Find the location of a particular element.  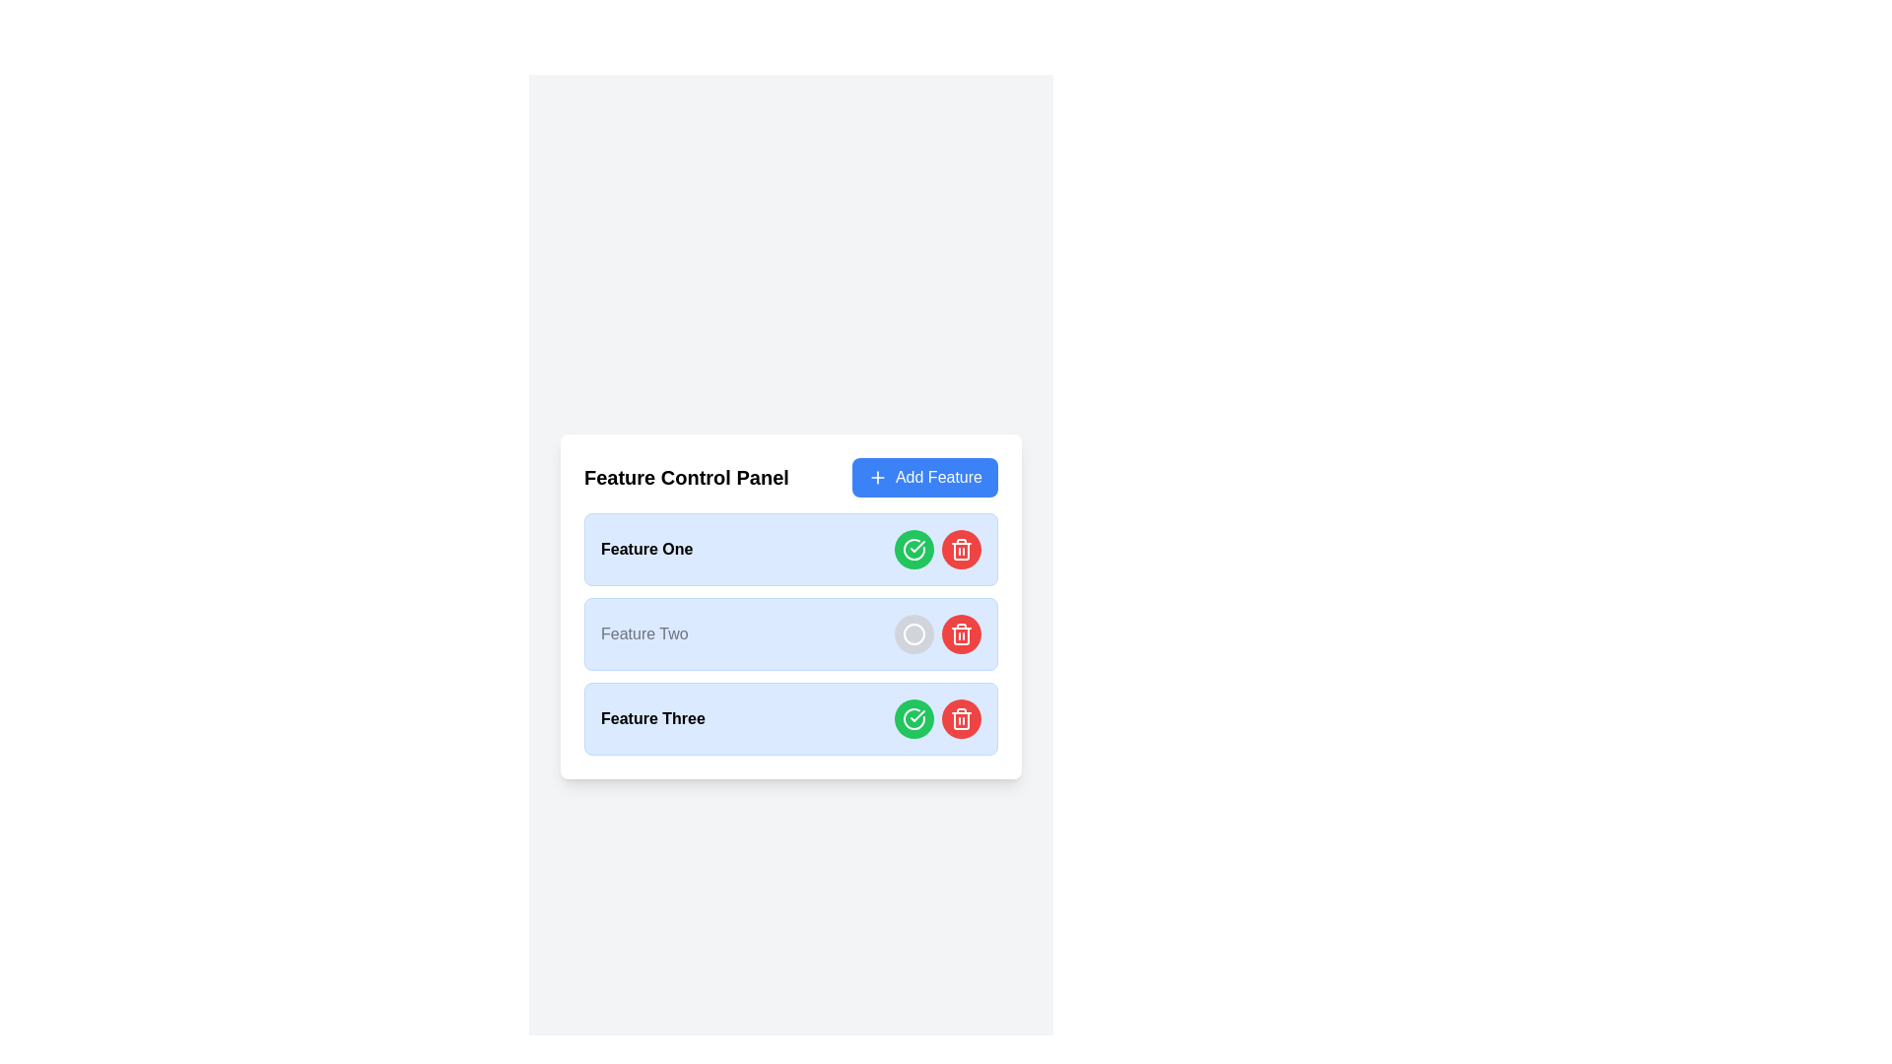

the delete button located to the right of the green check button in the row for 'Feature Three' is located at coordinates (961, 718).